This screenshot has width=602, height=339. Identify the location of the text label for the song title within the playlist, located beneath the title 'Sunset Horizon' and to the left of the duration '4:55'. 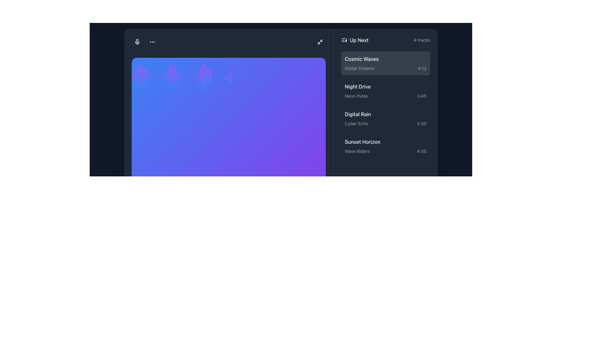
(357, 151).